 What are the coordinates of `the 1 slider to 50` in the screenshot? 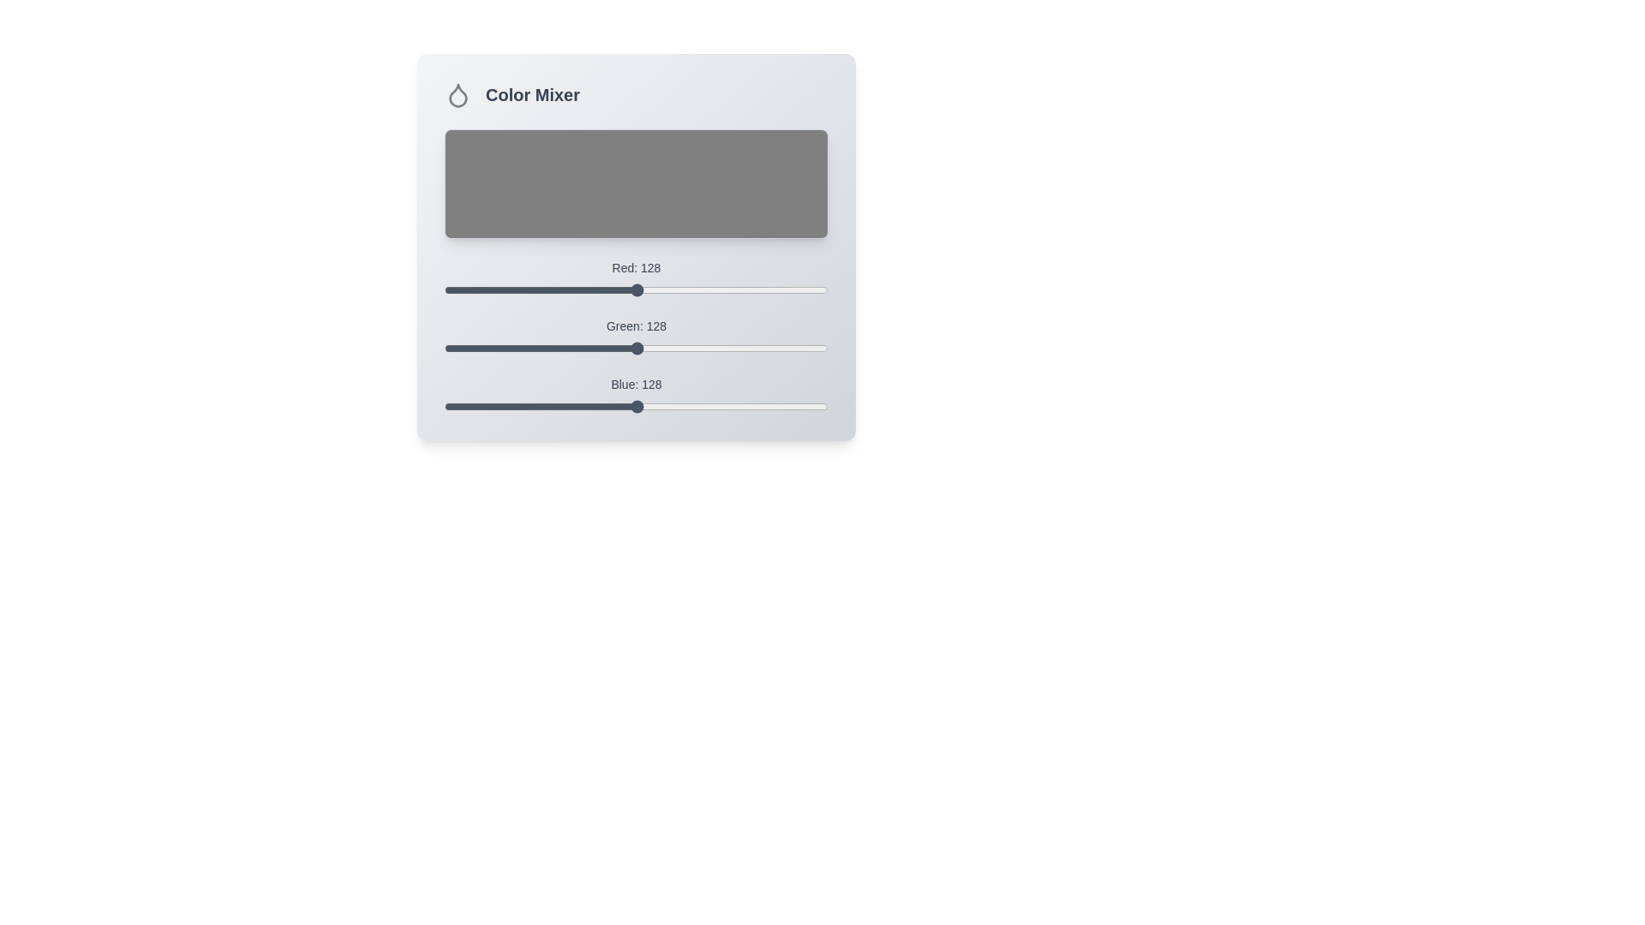 It's located at (518, 341).